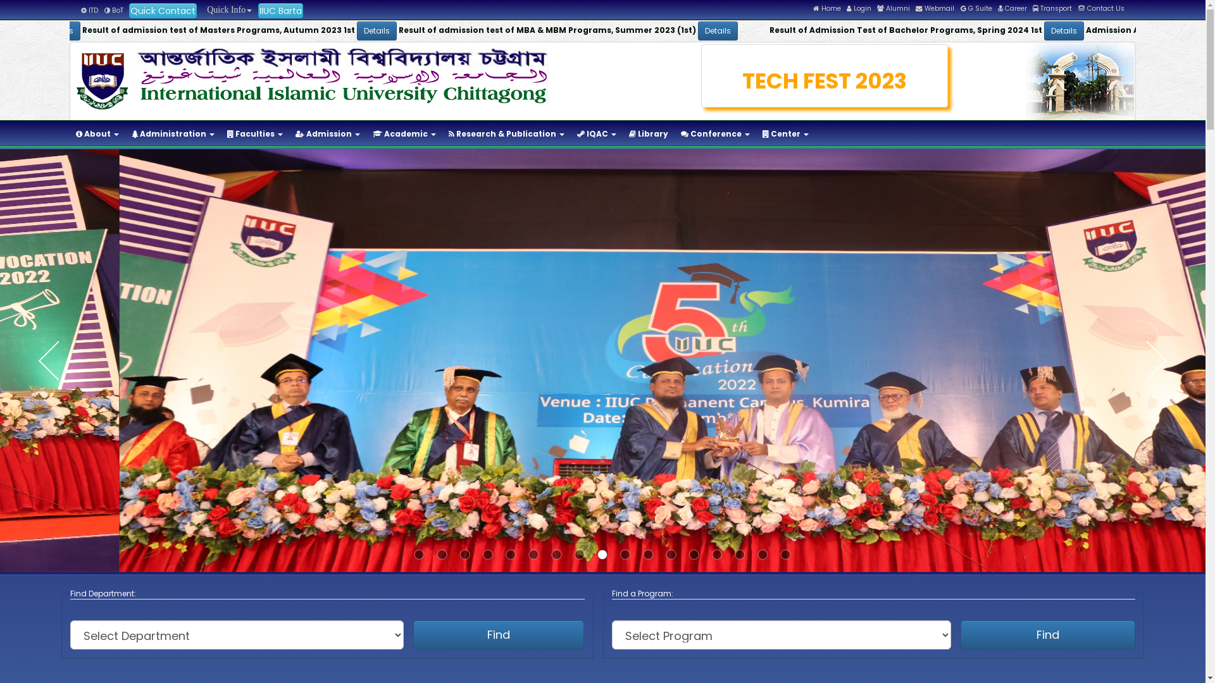 This screenshot has height=683, width=1215. Describe the element at coordinates (935, 8) in the screenshot. I see `'Webmail'` at that location.